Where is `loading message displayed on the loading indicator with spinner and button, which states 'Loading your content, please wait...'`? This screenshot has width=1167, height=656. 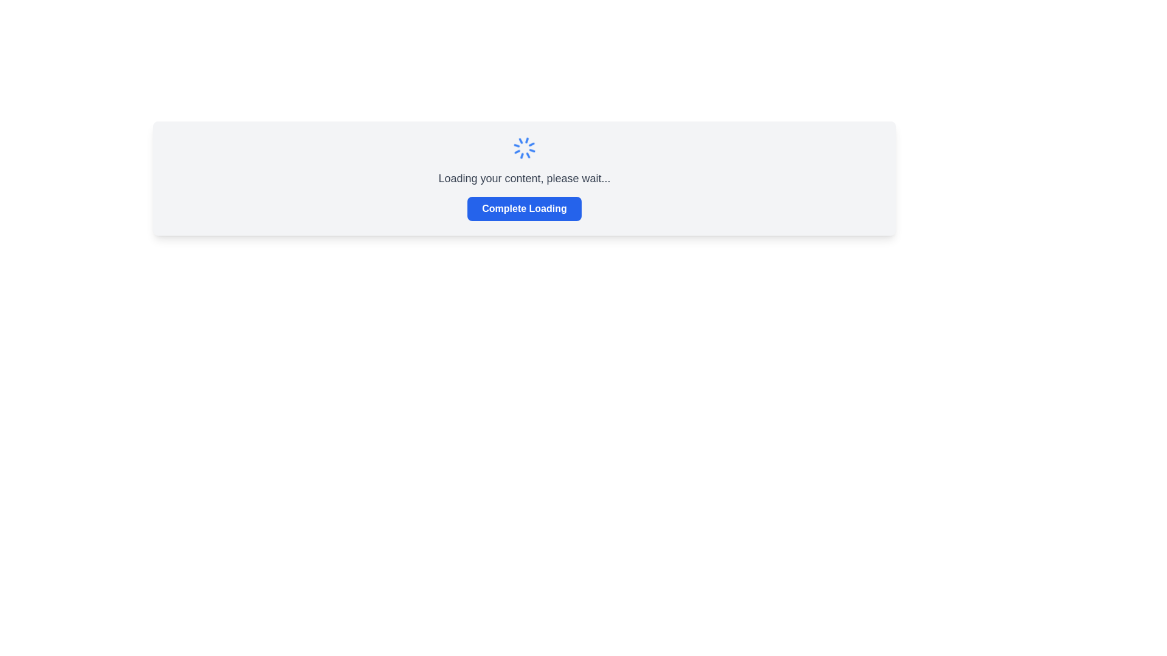 loading message displayed on the loading indicator with spinner and button, which states 'Loading your content, please wait...' is located at coordinates (525, 178).